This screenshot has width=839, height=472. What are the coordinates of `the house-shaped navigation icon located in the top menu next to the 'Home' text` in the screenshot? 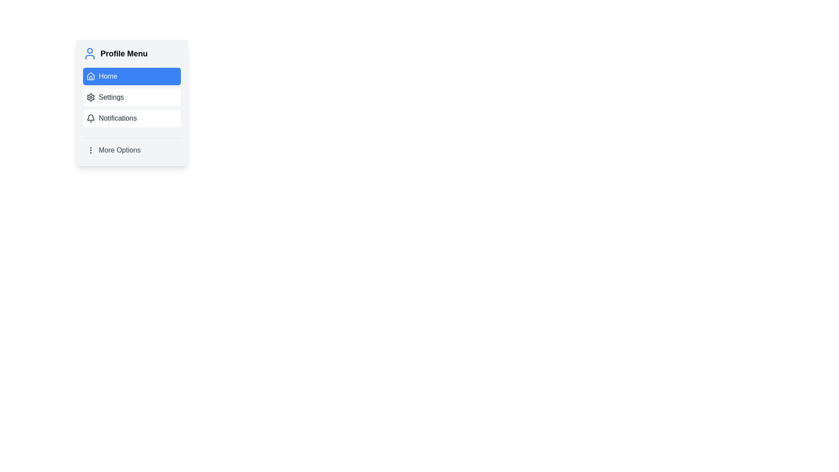 It's located at (90, 76).